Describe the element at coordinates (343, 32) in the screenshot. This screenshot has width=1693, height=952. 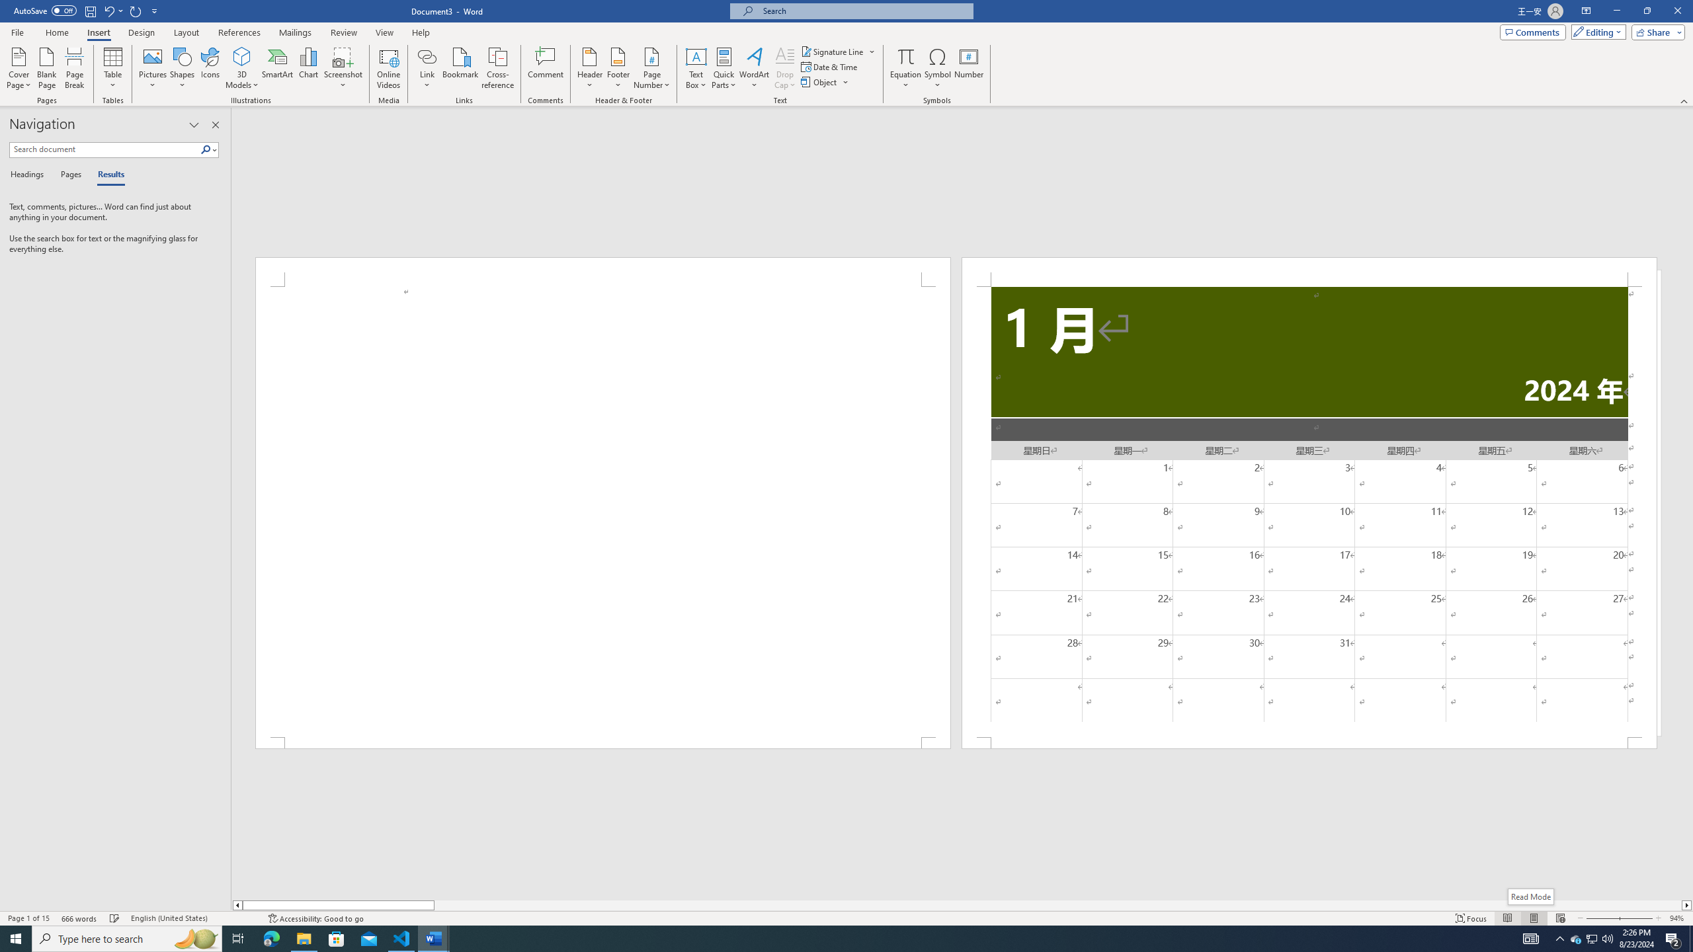
I see `'Review'` at that location.